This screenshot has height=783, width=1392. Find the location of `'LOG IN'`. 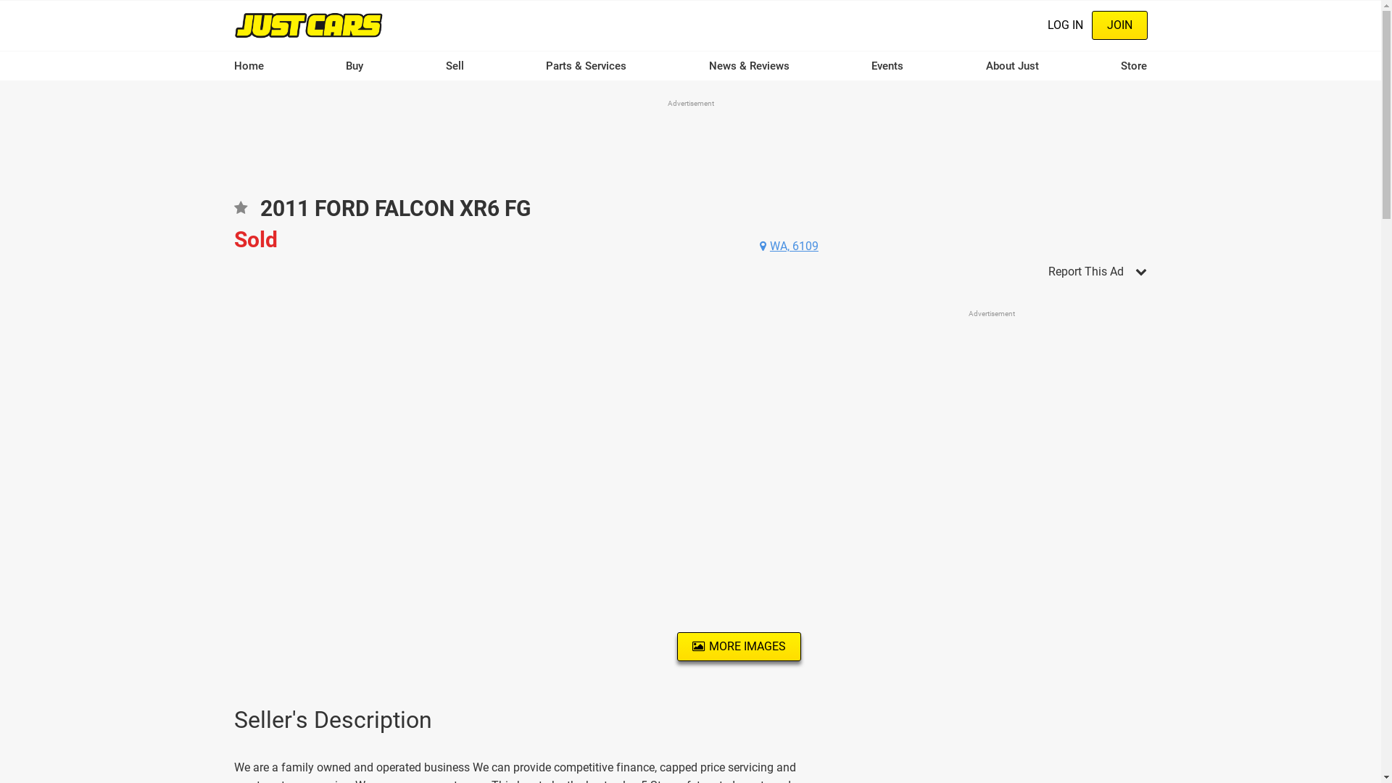

'LOG IN' is located at coordinates (1064, 25).